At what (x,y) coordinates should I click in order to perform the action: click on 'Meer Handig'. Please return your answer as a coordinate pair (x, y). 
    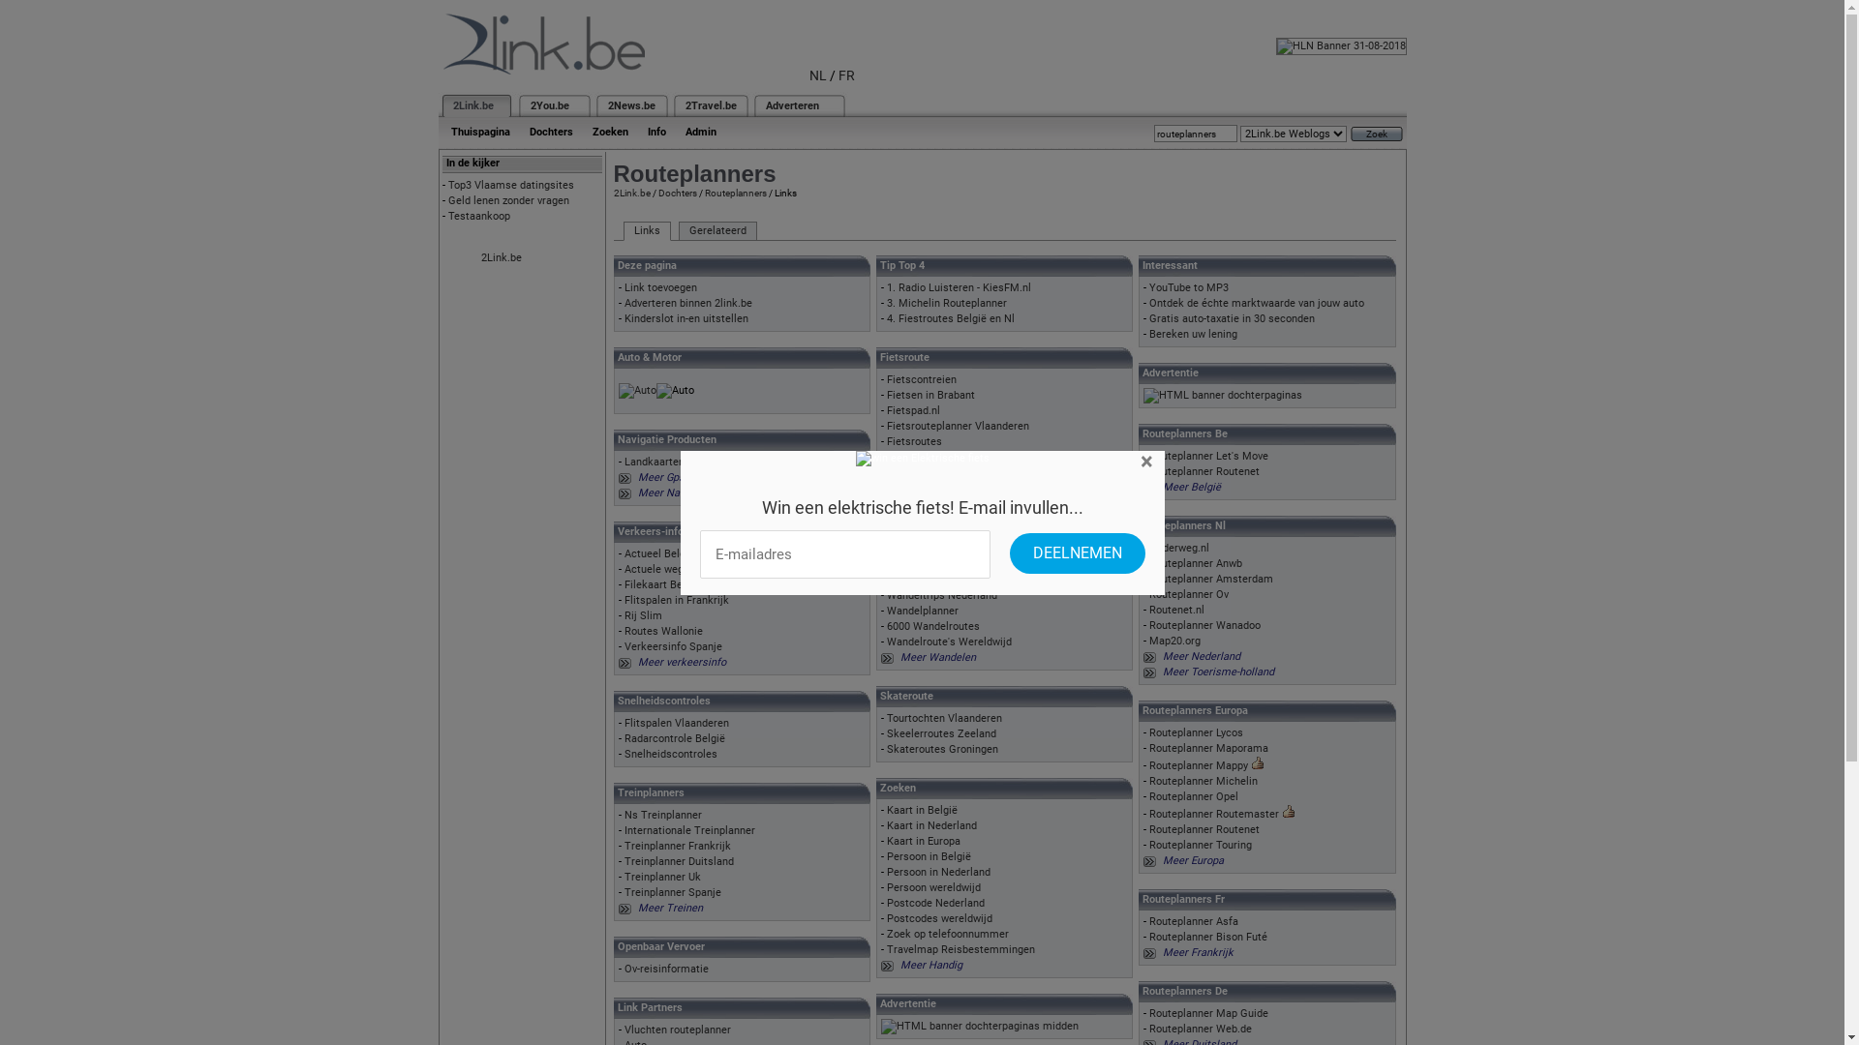
    Looking at the image, I should click on (930, 965).